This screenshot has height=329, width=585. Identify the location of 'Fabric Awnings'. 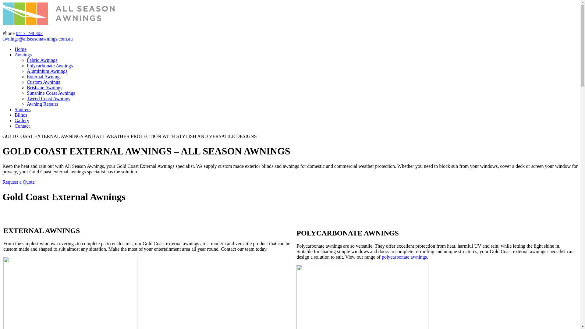
(42, 60).